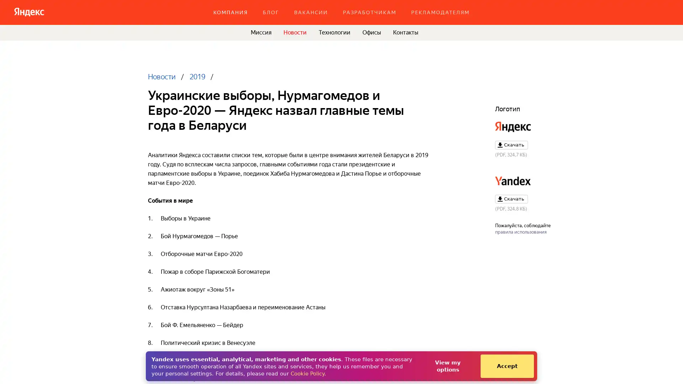 This screenshot has width=683, height=384. I want to click on View my options, so click(447, 366).